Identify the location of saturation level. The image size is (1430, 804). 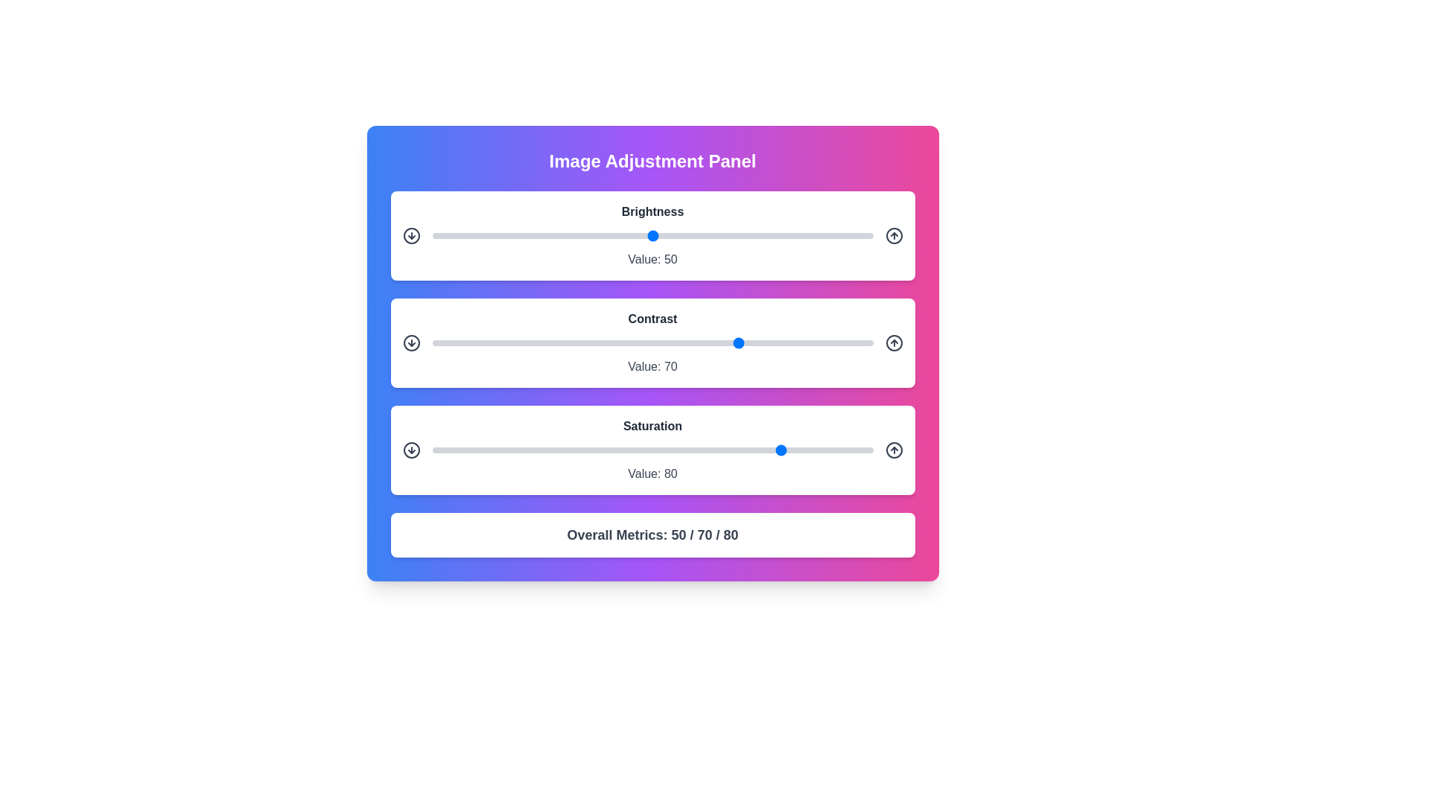
(489, 450).